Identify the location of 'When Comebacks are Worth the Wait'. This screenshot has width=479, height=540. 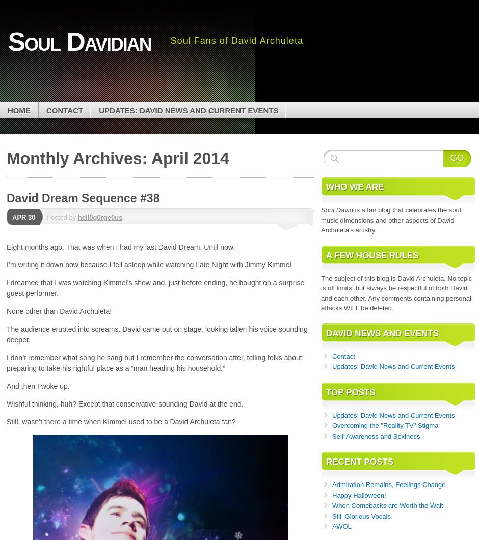
(332, 505).